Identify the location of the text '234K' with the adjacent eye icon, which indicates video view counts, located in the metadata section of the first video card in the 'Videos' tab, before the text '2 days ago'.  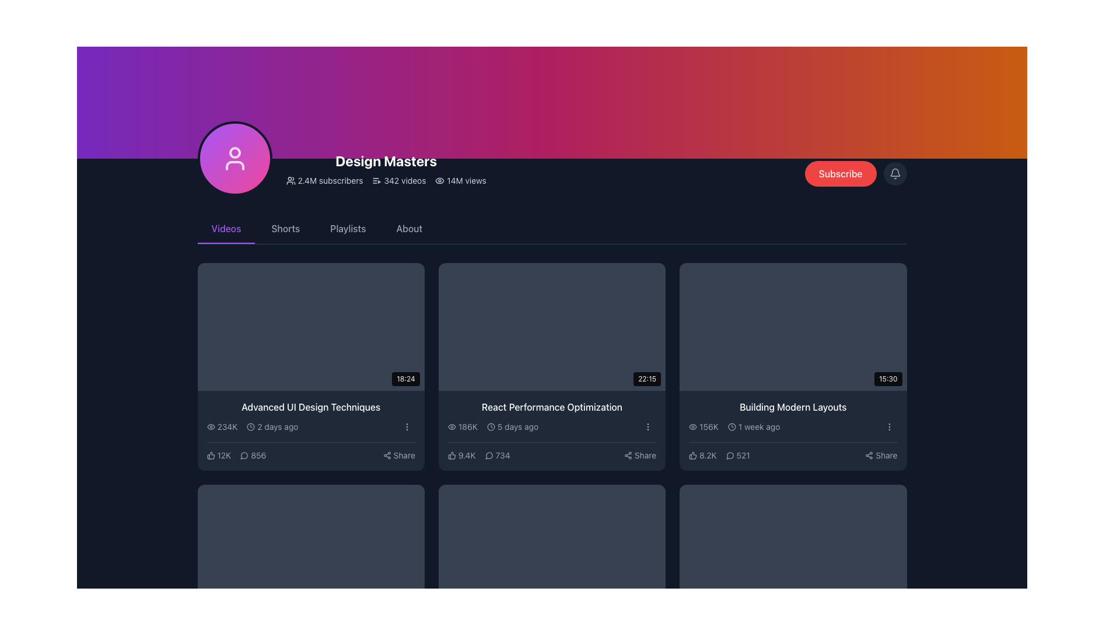
(222, 427).